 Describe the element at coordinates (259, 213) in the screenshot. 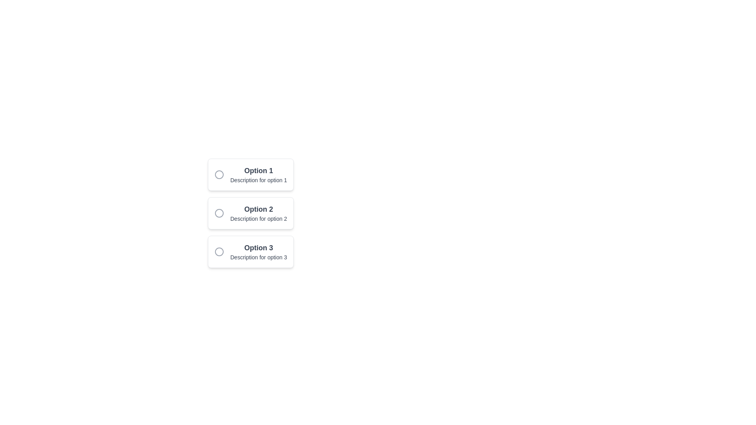

I see `the text block item in the list that displays 'Option 2' with a description below it` at that location.